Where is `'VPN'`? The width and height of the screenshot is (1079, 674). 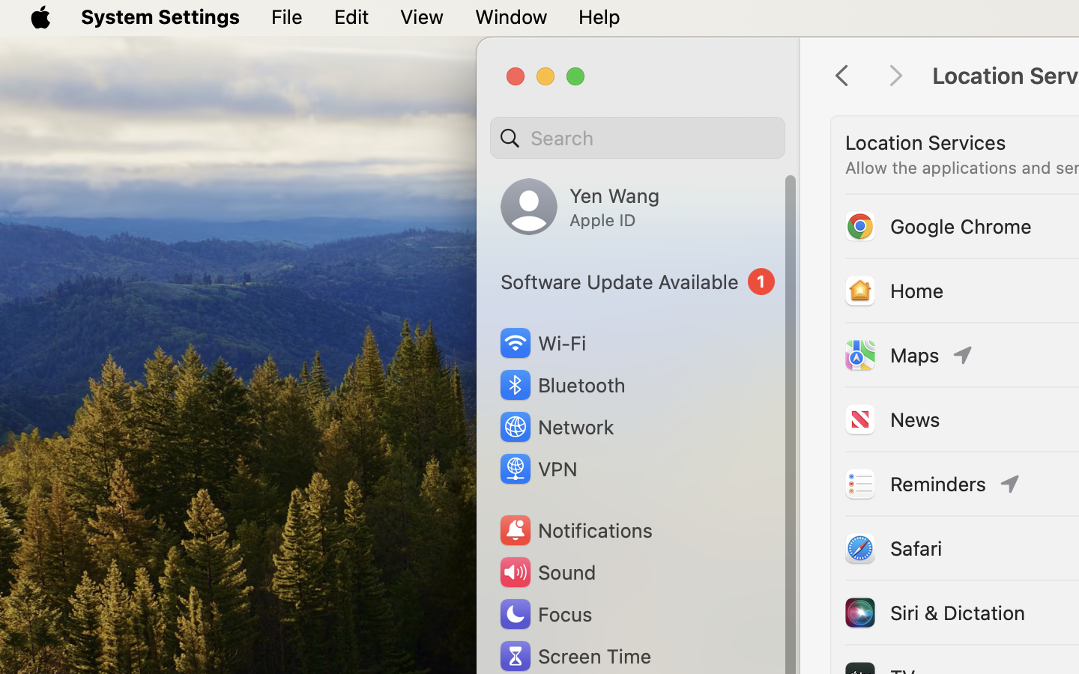 'VPN' is located at coordinates (537, 469).